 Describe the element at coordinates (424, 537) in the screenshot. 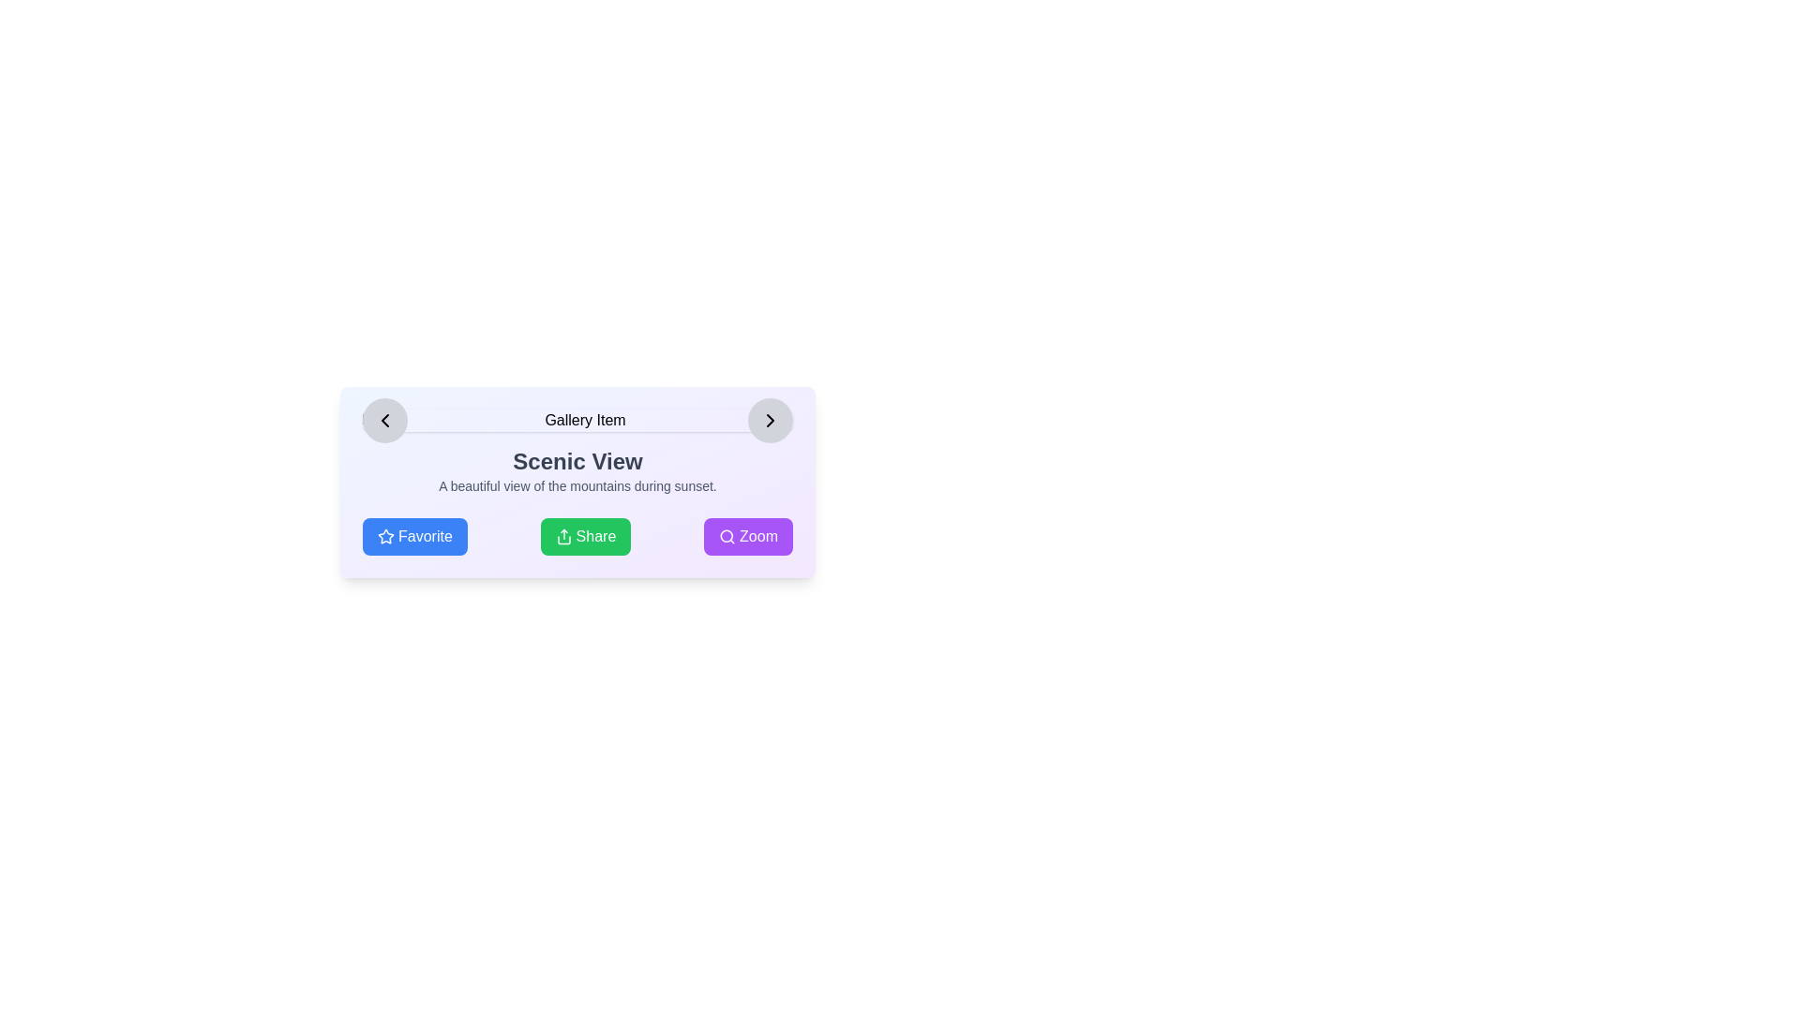

I see `details of the 'Favorite' label, which indicates that clicking the button will mark the item as a favorite, located centrally within the first button from the left in the bottom-left corner of the card interface` at that location.